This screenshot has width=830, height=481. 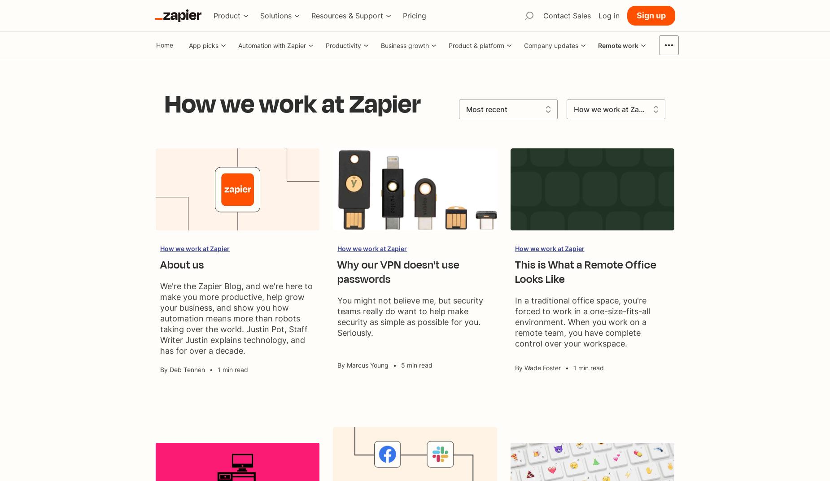 What do you see at coordinates (346, 365) in the screenshot?
I see `'Marcus Young'` at bounding box center [346, 365].